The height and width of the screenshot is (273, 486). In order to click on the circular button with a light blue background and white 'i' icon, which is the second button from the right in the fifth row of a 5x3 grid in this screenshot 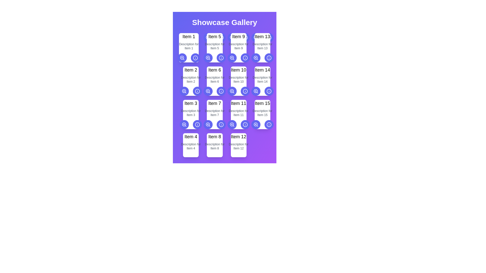, I will do `click(269, 125)`.